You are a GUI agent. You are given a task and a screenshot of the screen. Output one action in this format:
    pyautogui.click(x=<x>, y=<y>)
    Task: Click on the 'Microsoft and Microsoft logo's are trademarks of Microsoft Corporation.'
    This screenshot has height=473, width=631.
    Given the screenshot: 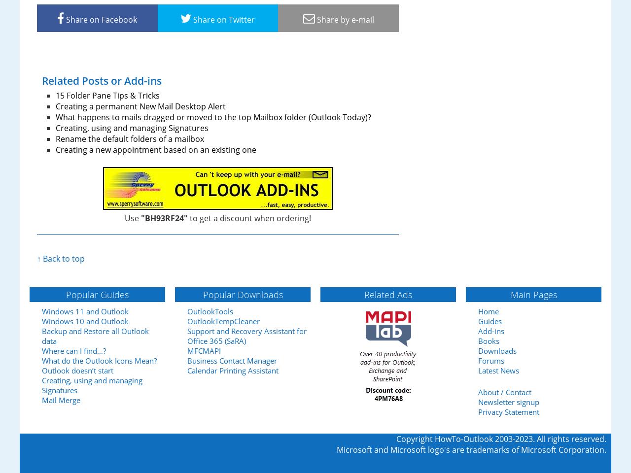 What is the action you would take?
    pyautogui.click(x=471, y=449)
    